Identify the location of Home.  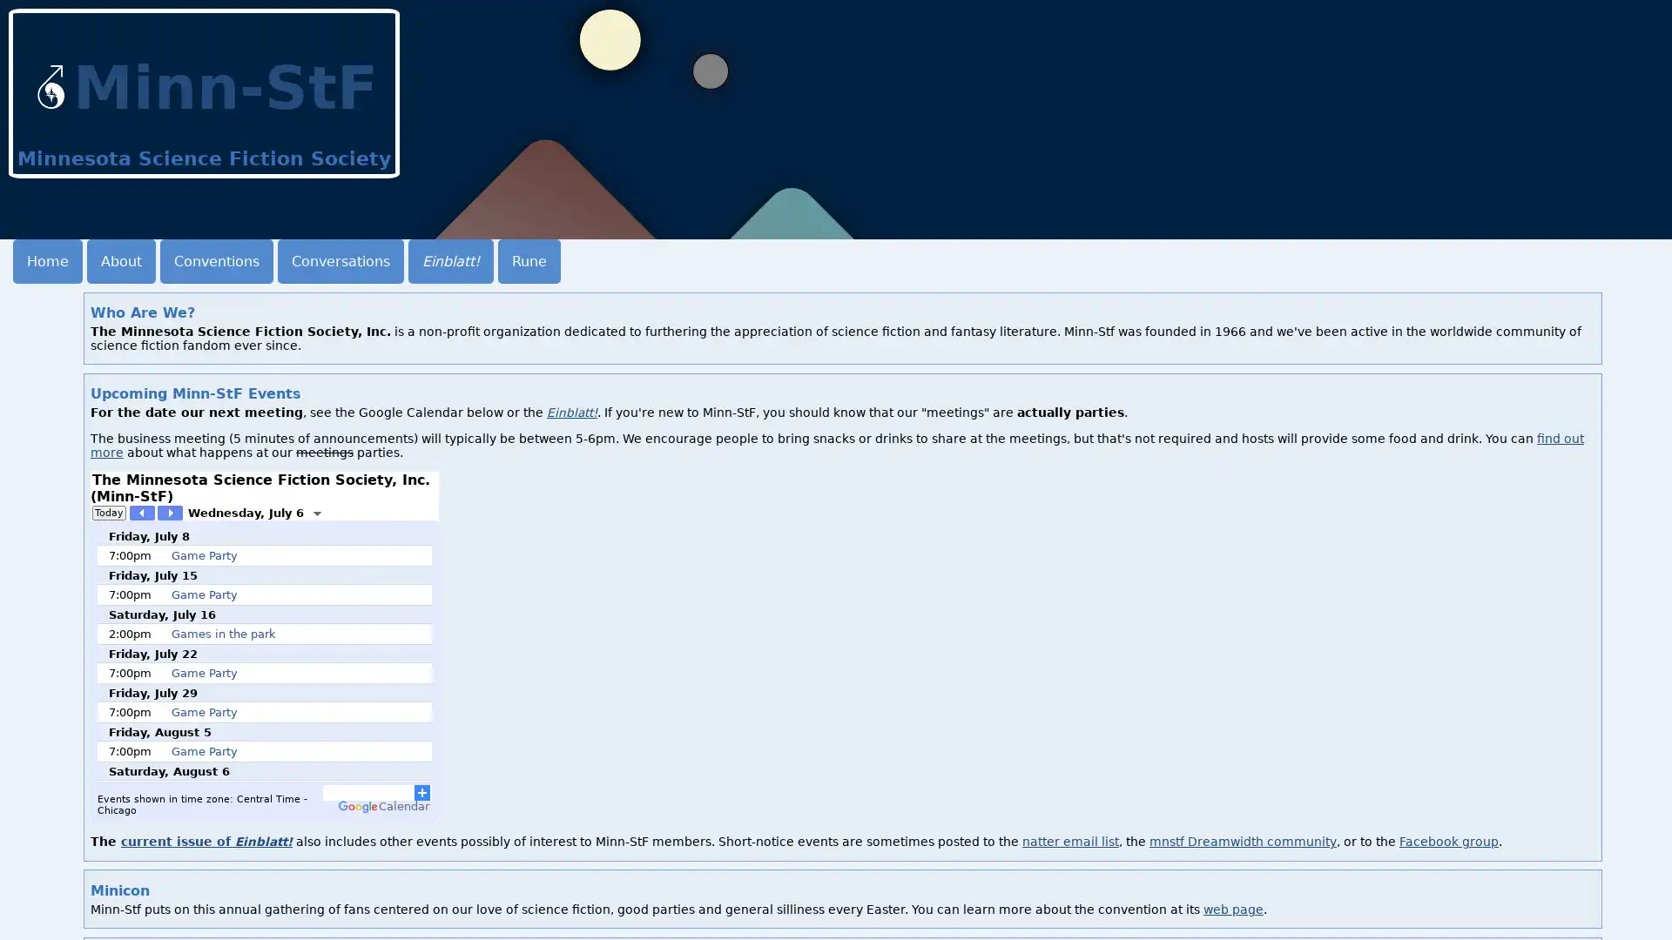
(47, 261).